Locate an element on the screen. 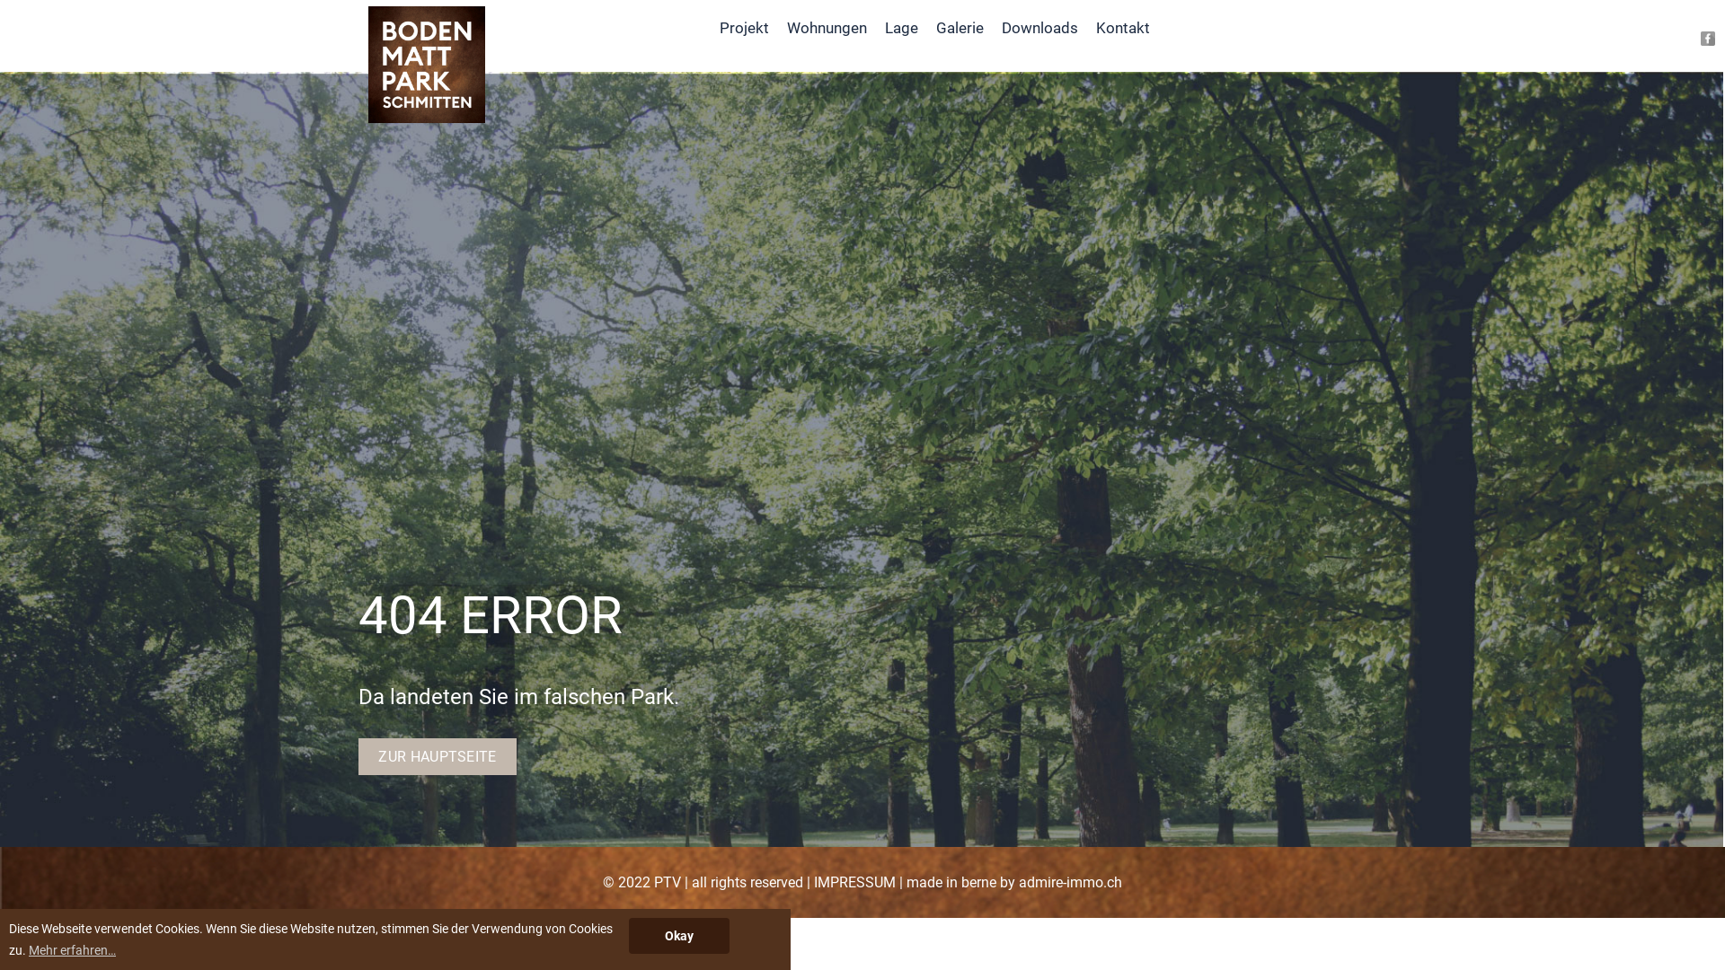 This screenshot has width=1725, height=970. 'Lage' is located at coordinates (875, 27).